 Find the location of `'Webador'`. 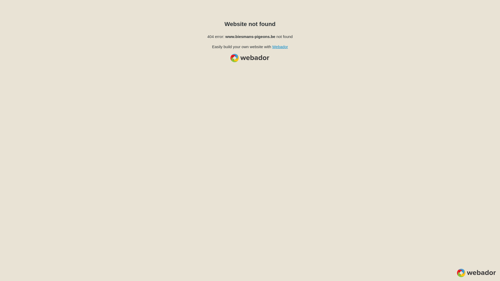

'Webador' is located at coordinates (272, 46).